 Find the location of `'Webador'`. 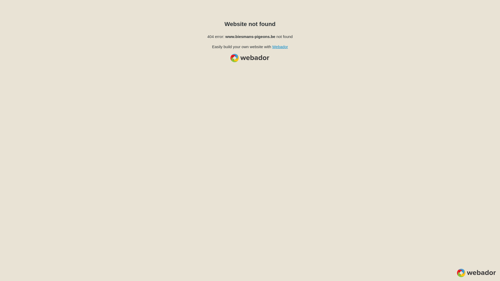

'Webador' is located at coordinates (272, 46).